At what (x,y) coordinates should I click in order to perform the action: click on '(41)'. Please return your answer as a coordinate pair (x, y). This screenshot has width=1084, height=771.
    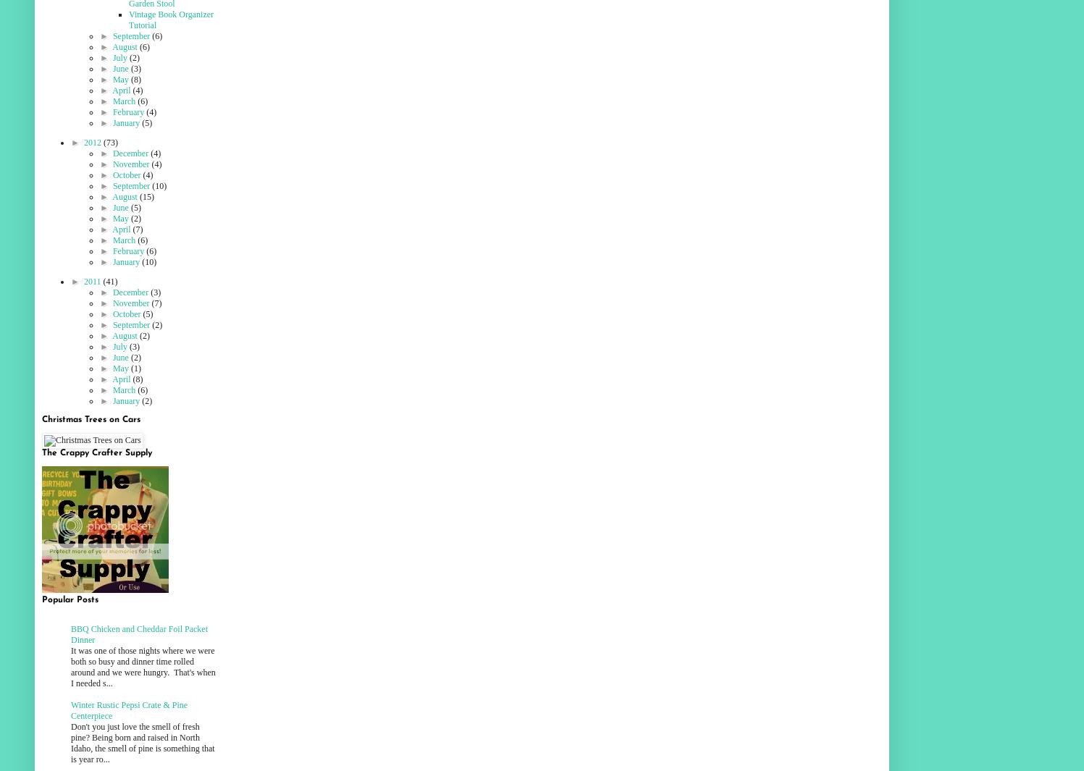
    Looking at the image, I should click on (109, 281).